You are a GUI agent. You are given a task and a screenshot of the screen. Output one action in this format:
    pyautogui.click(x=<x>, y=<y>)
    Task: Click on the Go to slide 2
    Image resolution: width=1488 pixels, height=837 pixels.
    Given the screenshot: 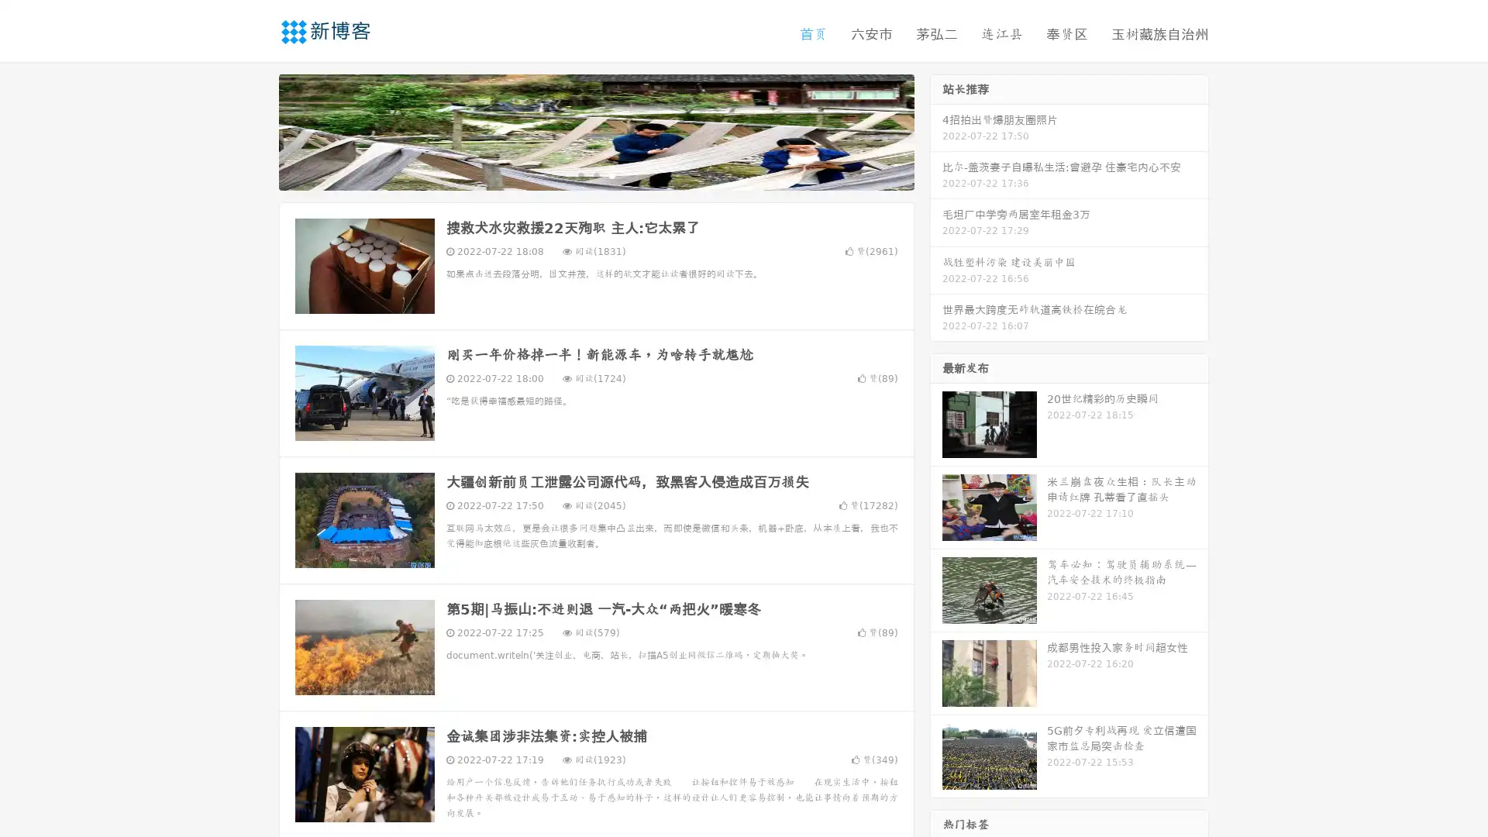 What is the action you would take?
    pyautogui.click(x=595, y=174)
    